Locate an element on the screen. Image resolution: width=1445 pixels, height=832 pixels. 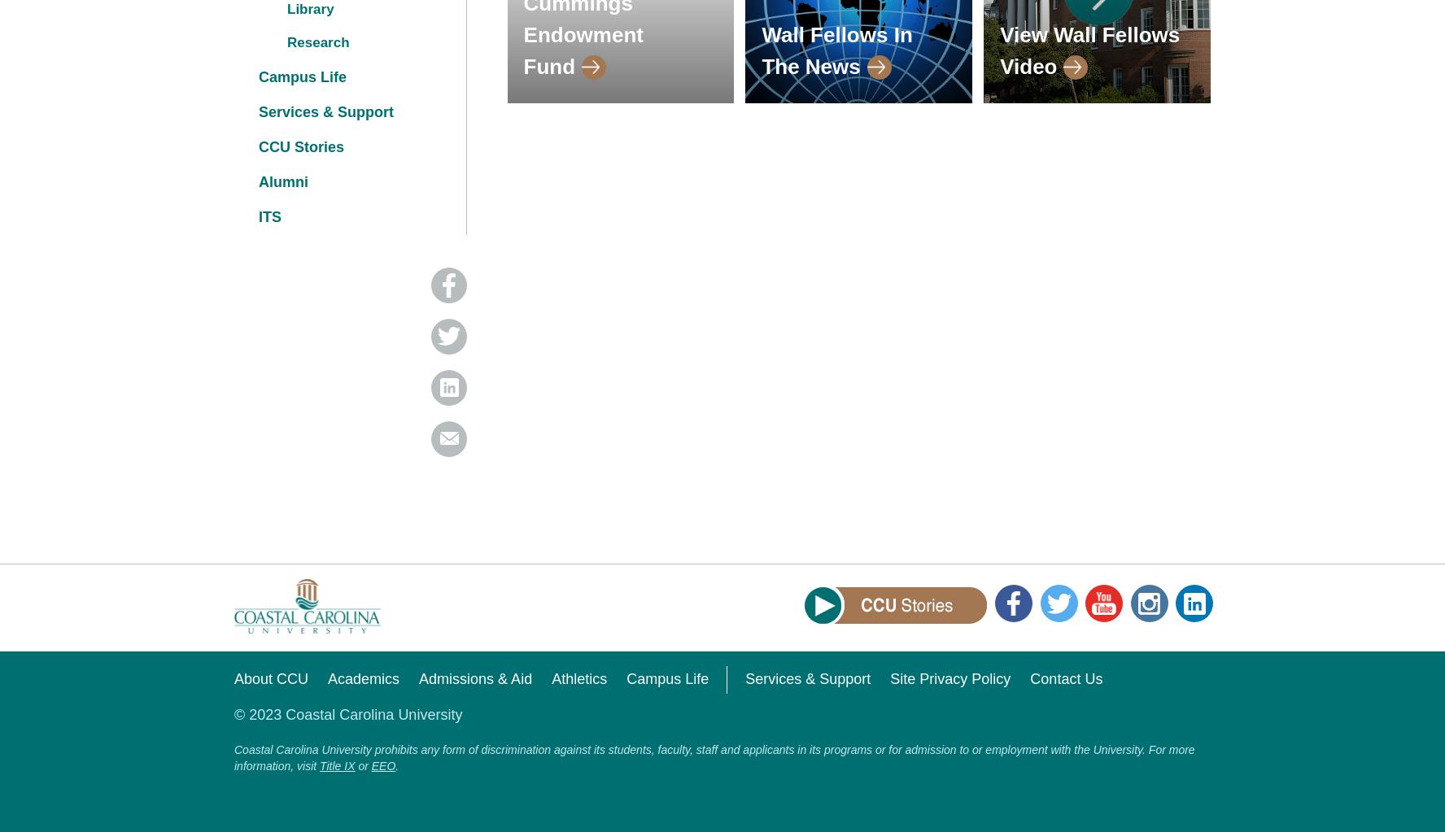
'ITS' is located at coordinates (268, 216).